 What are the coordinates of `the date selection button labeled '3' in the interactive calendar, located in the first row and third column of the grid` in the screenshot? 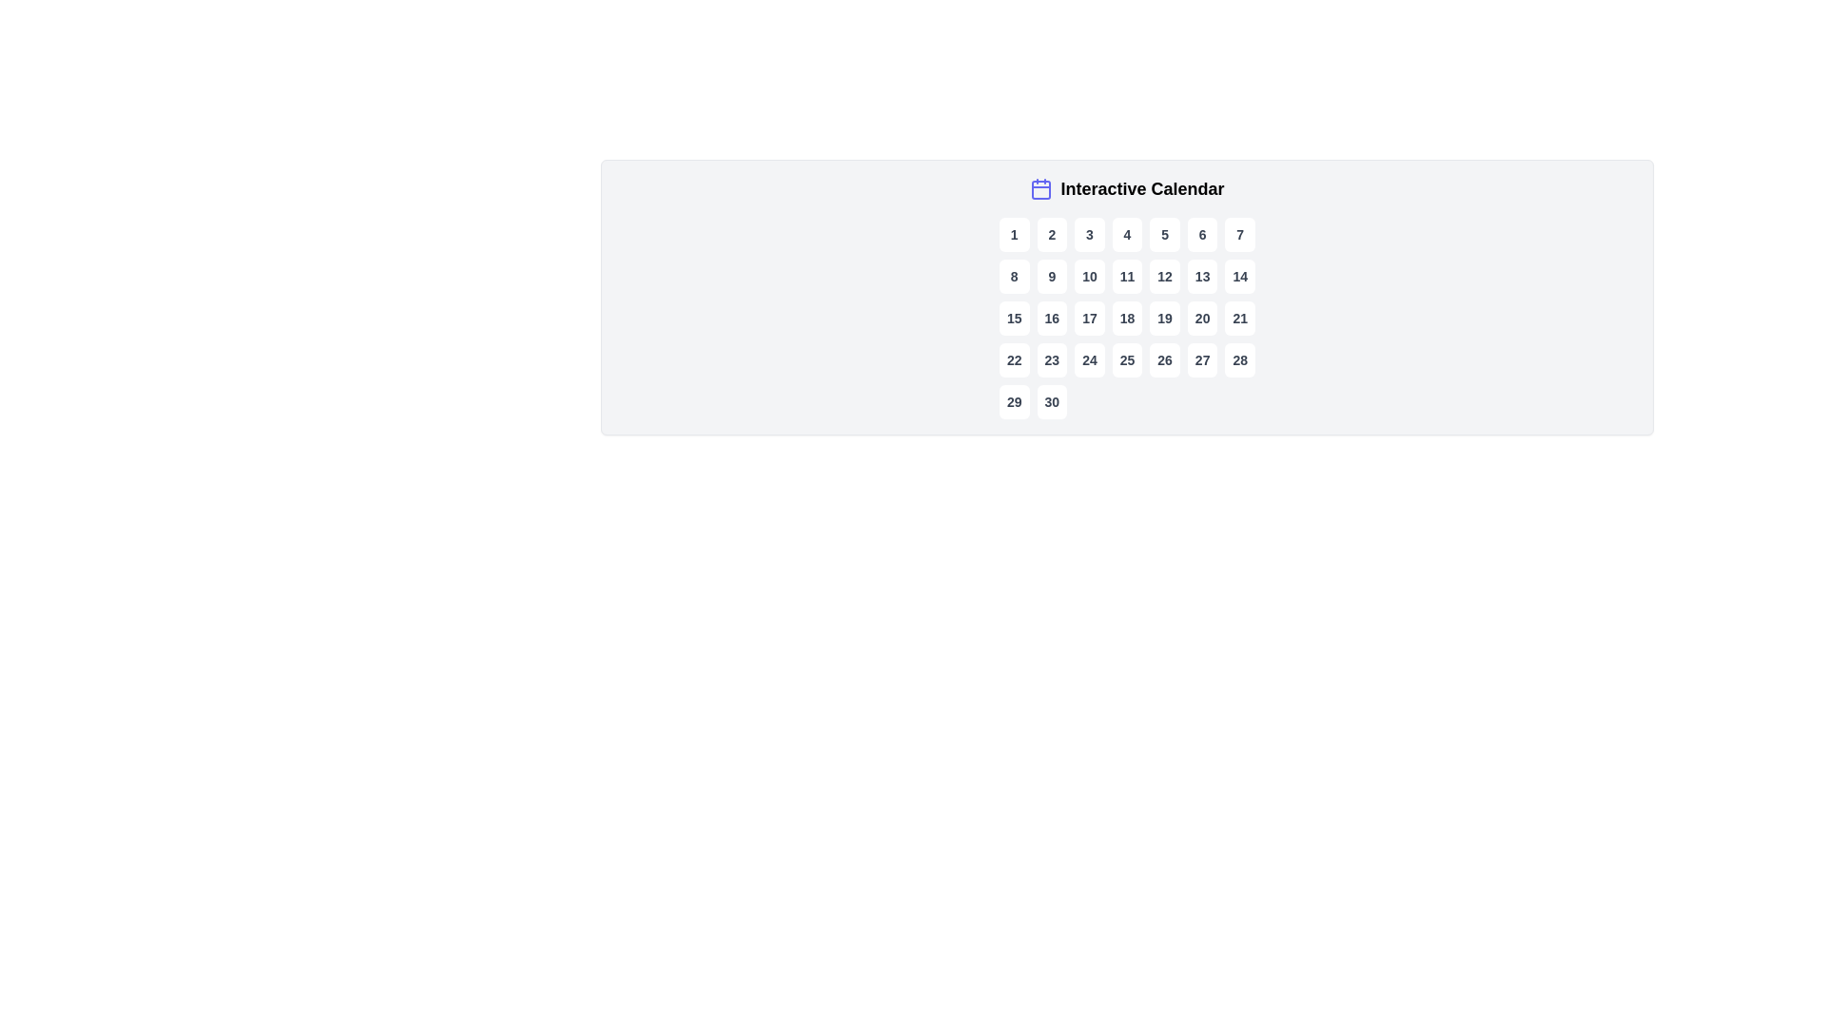 It's located at (1089, 233).